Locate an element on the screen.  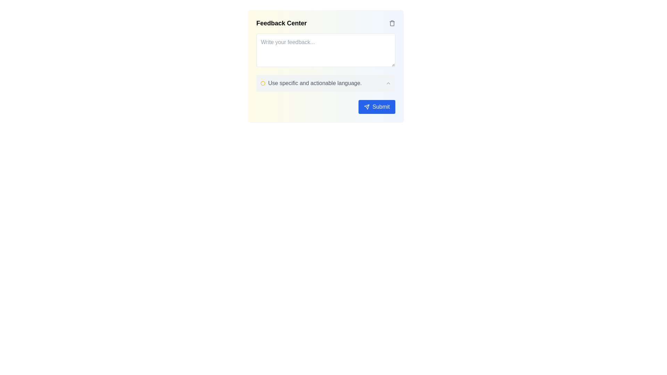
the hollow yellow circular SVG element located within the 'Feedback Center' interface, positioned to the left of the checkbox labeled 'Use specific and actionable language.' is located at coordinates (263, 83).